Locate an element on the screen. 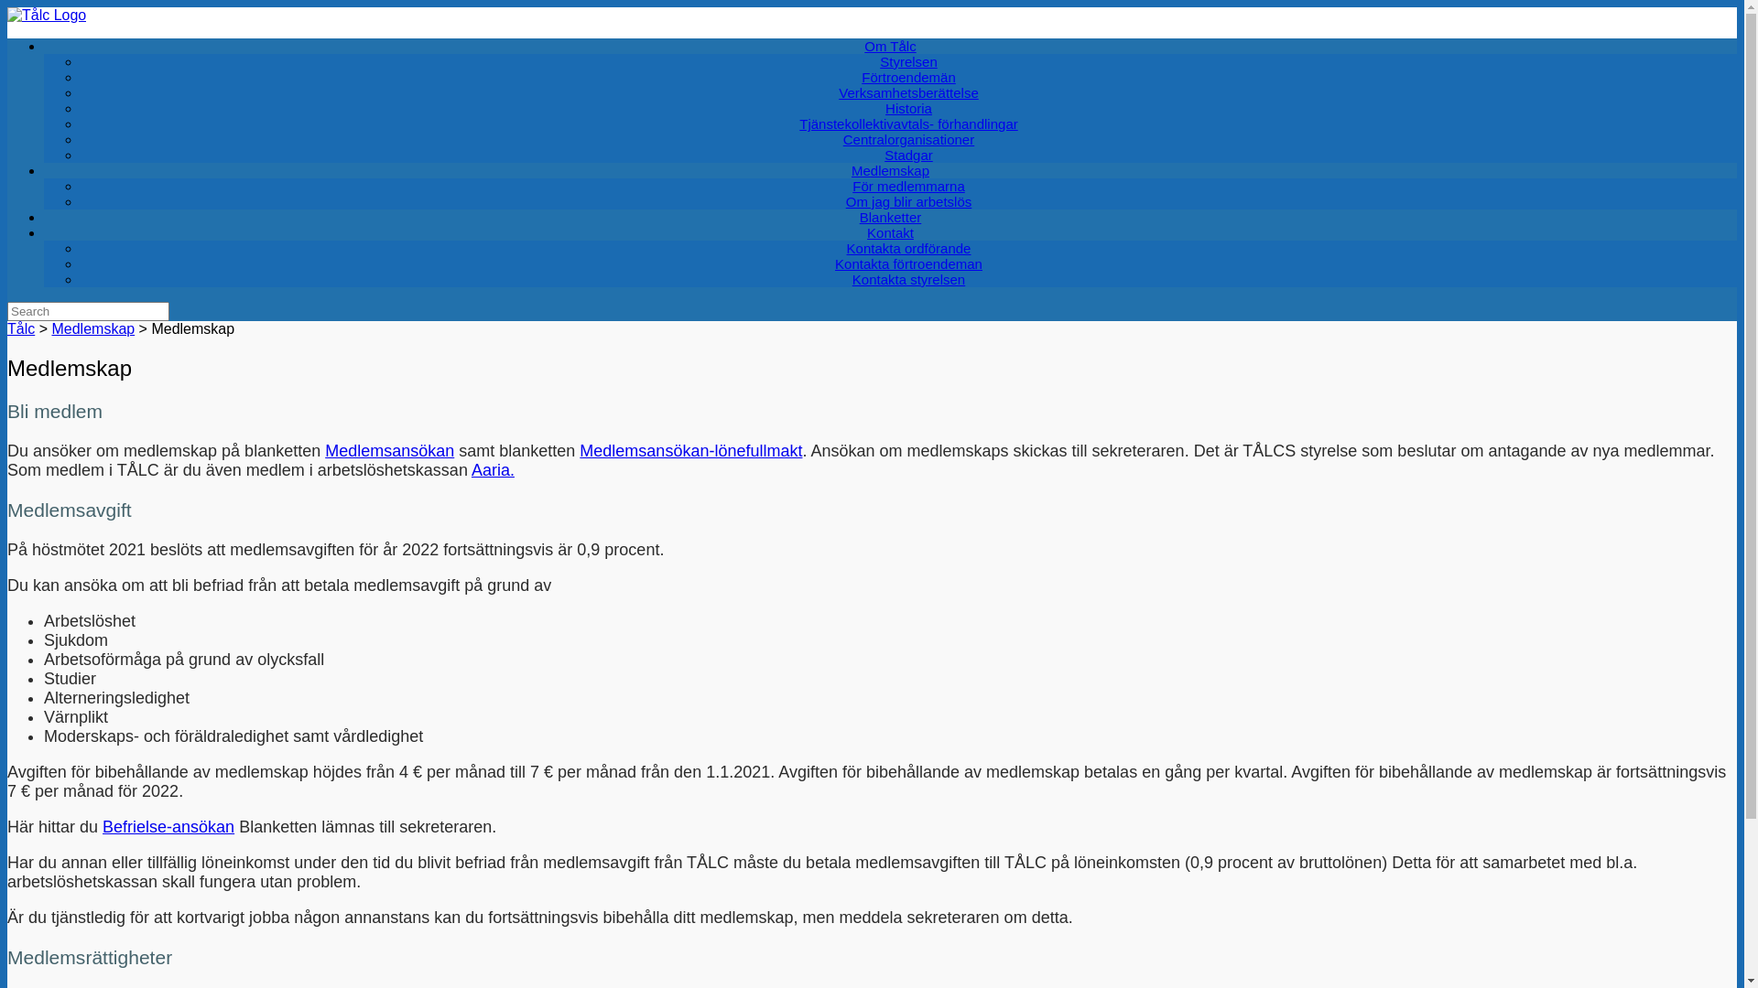  'Blanketter' is located at coordinates (830, 216).